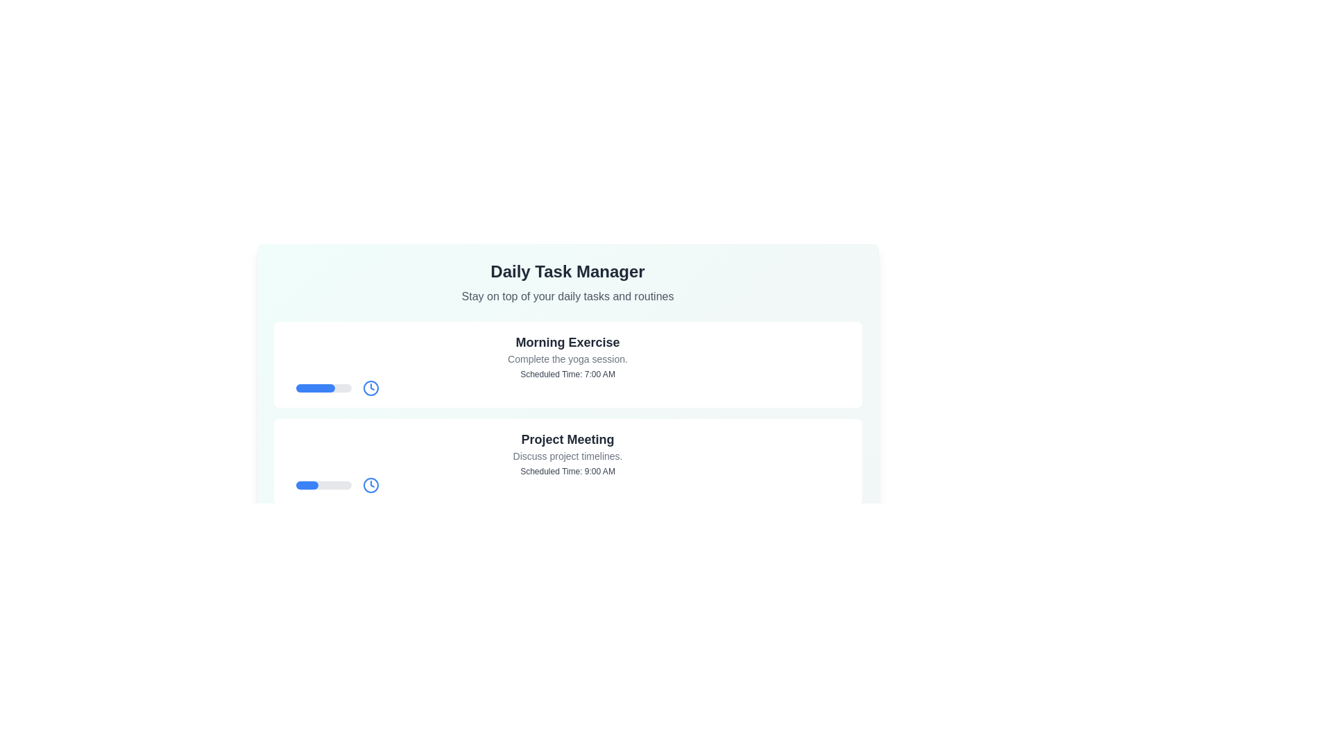 This screenshot has width=1332, height=749. I want to click on information displayed in the Informational display block, which shows details about a scheduled task including the task name, description, and associated time, so click(567, 550).